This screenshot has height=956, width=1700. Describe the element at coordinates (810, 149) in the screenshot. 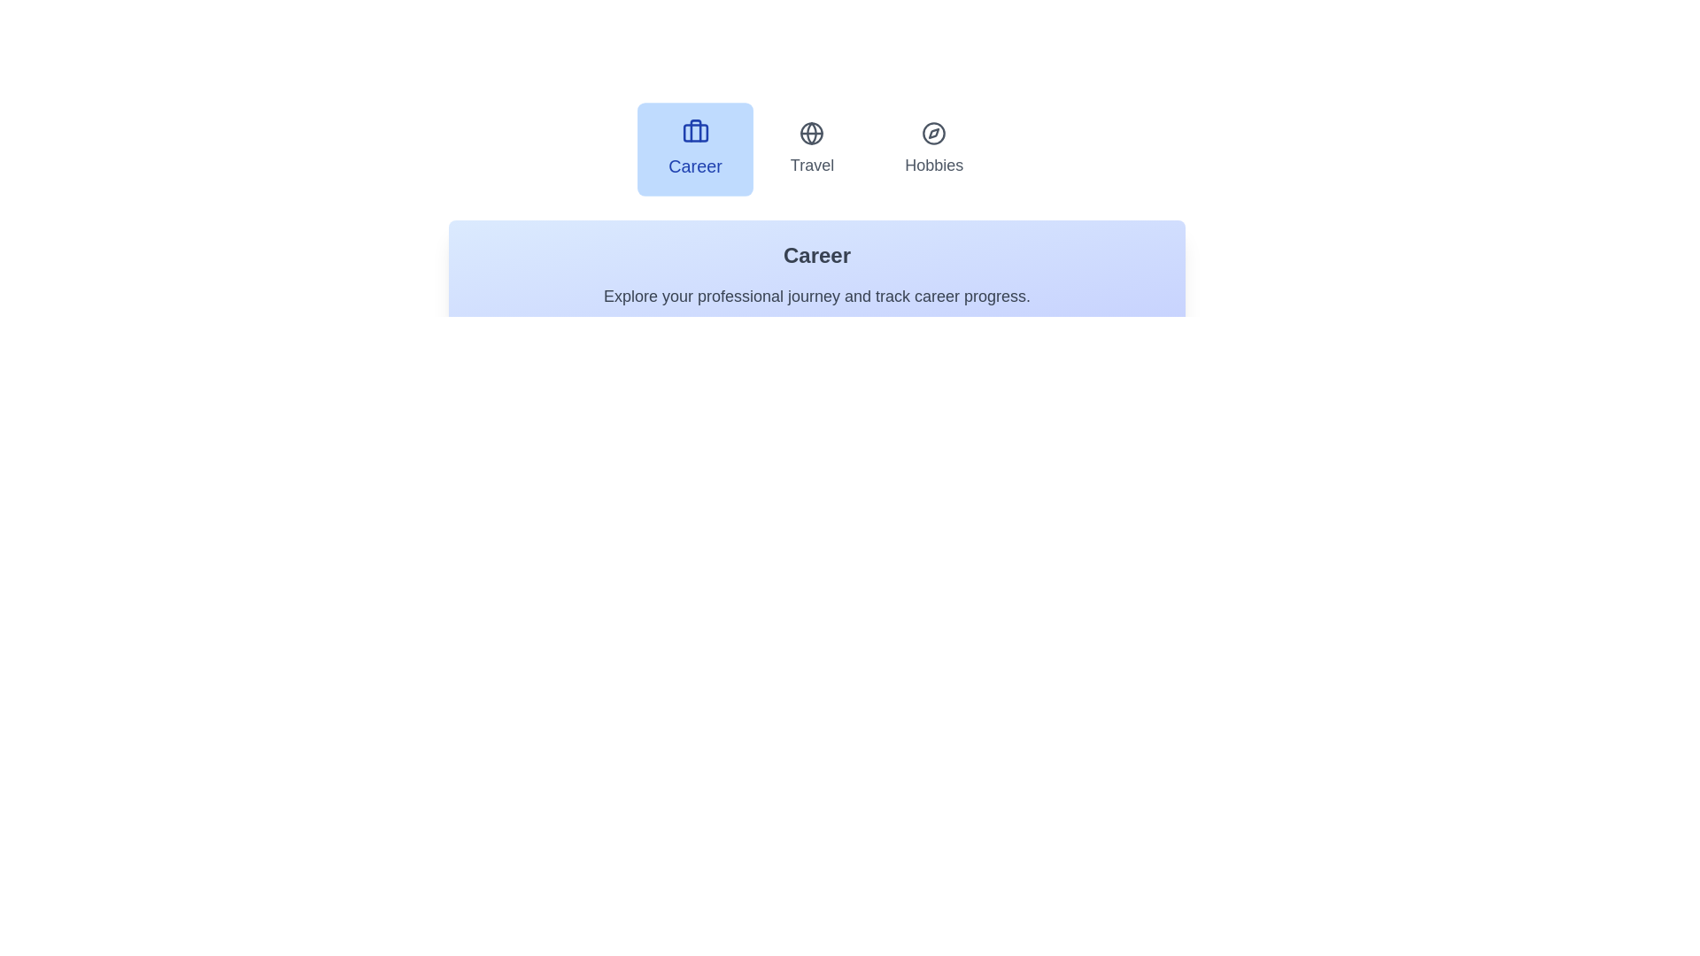

I see `the tab labeled Travel to switch its content` at that location.